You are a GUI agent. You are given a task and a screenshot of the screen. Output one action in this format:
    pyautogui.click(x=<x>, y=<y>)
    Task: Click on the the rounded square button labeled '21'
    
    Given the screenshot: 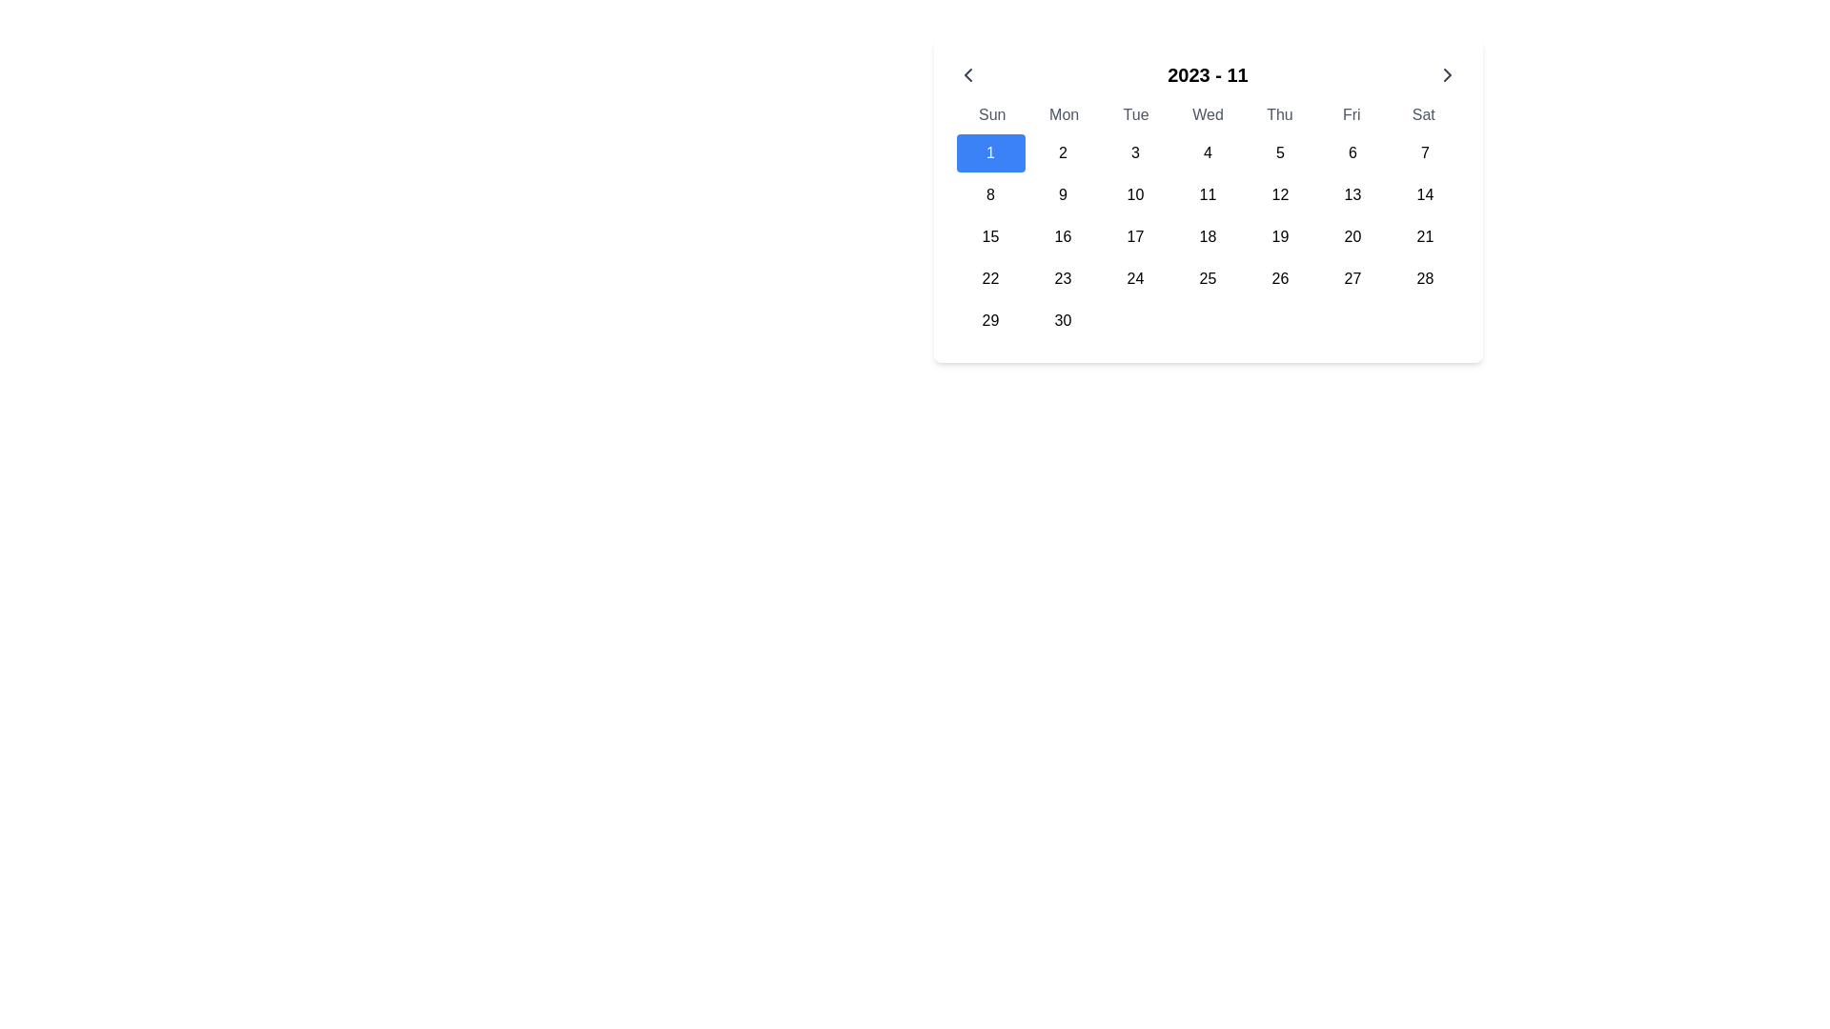 What is the action you would take?
    pyautogui.click(x=1425, y=236)
    